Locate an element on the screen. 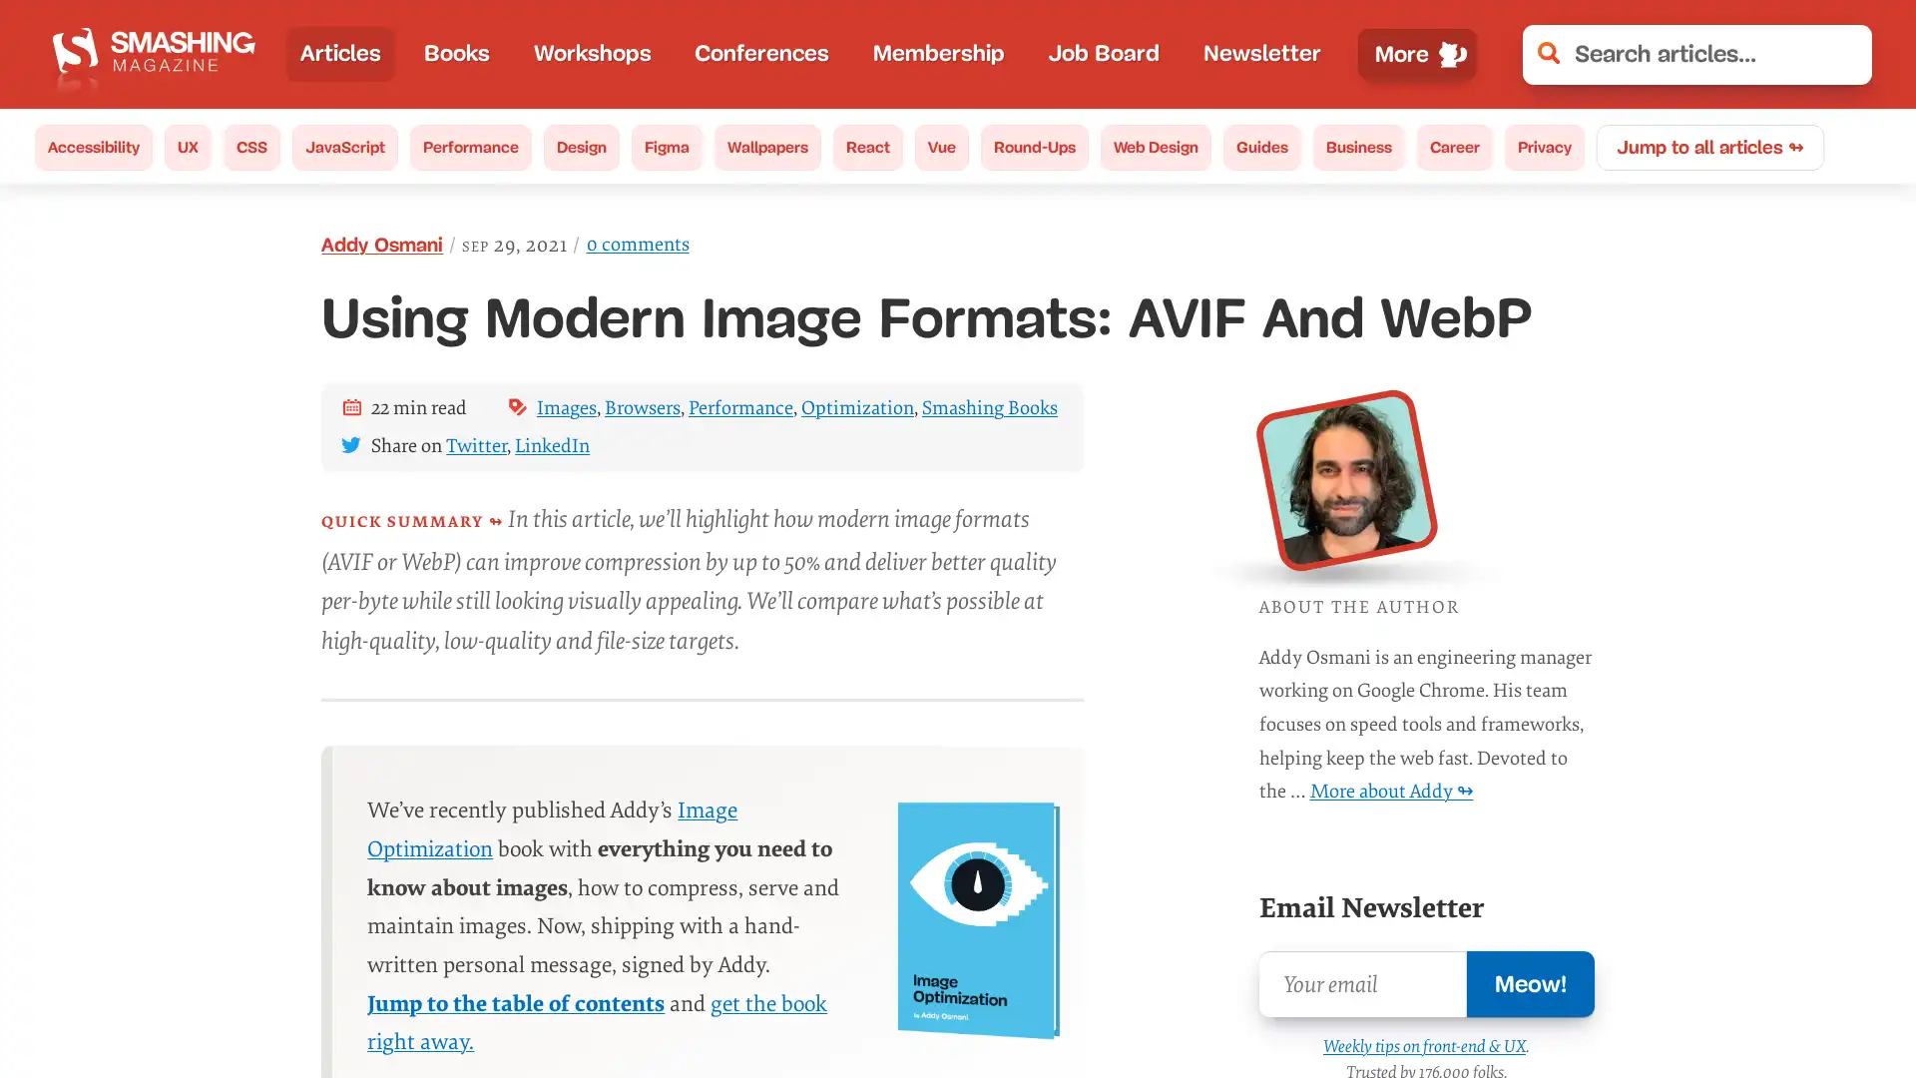  Its okay. is located at coordinates (1764, 995).